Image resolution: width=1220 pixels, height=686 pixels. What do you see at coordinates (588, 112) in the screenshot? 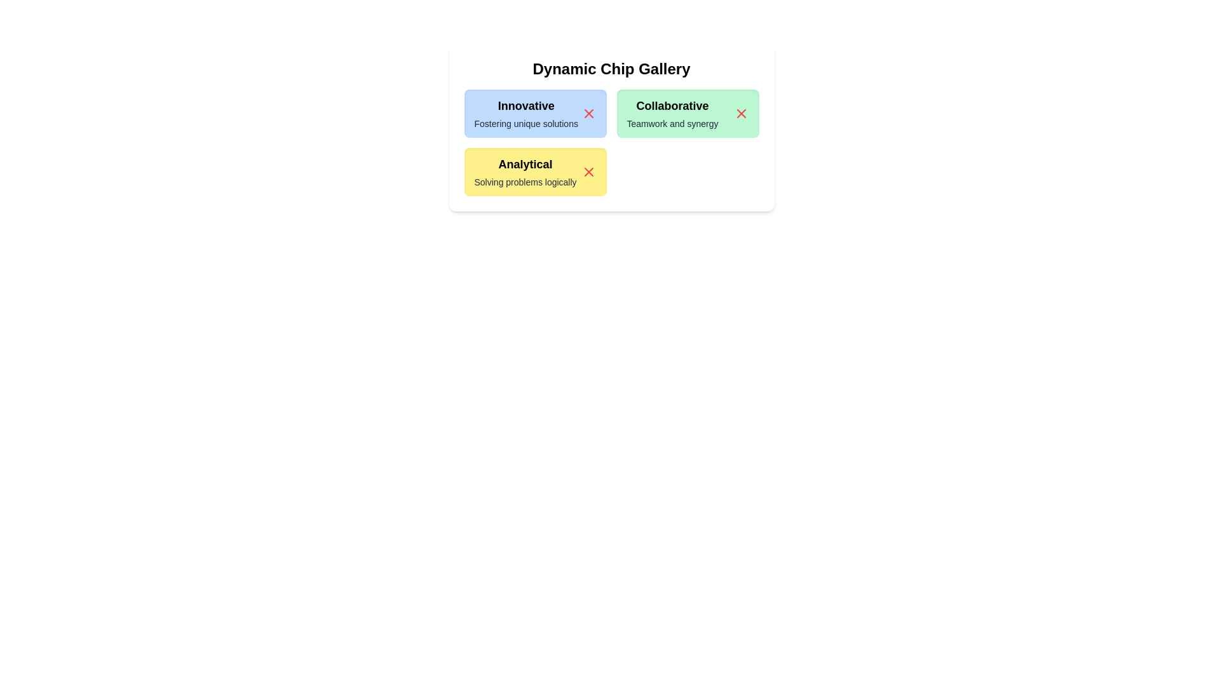
I see `close button of the chip labeled Innovative` at bounding box center [588, 112].